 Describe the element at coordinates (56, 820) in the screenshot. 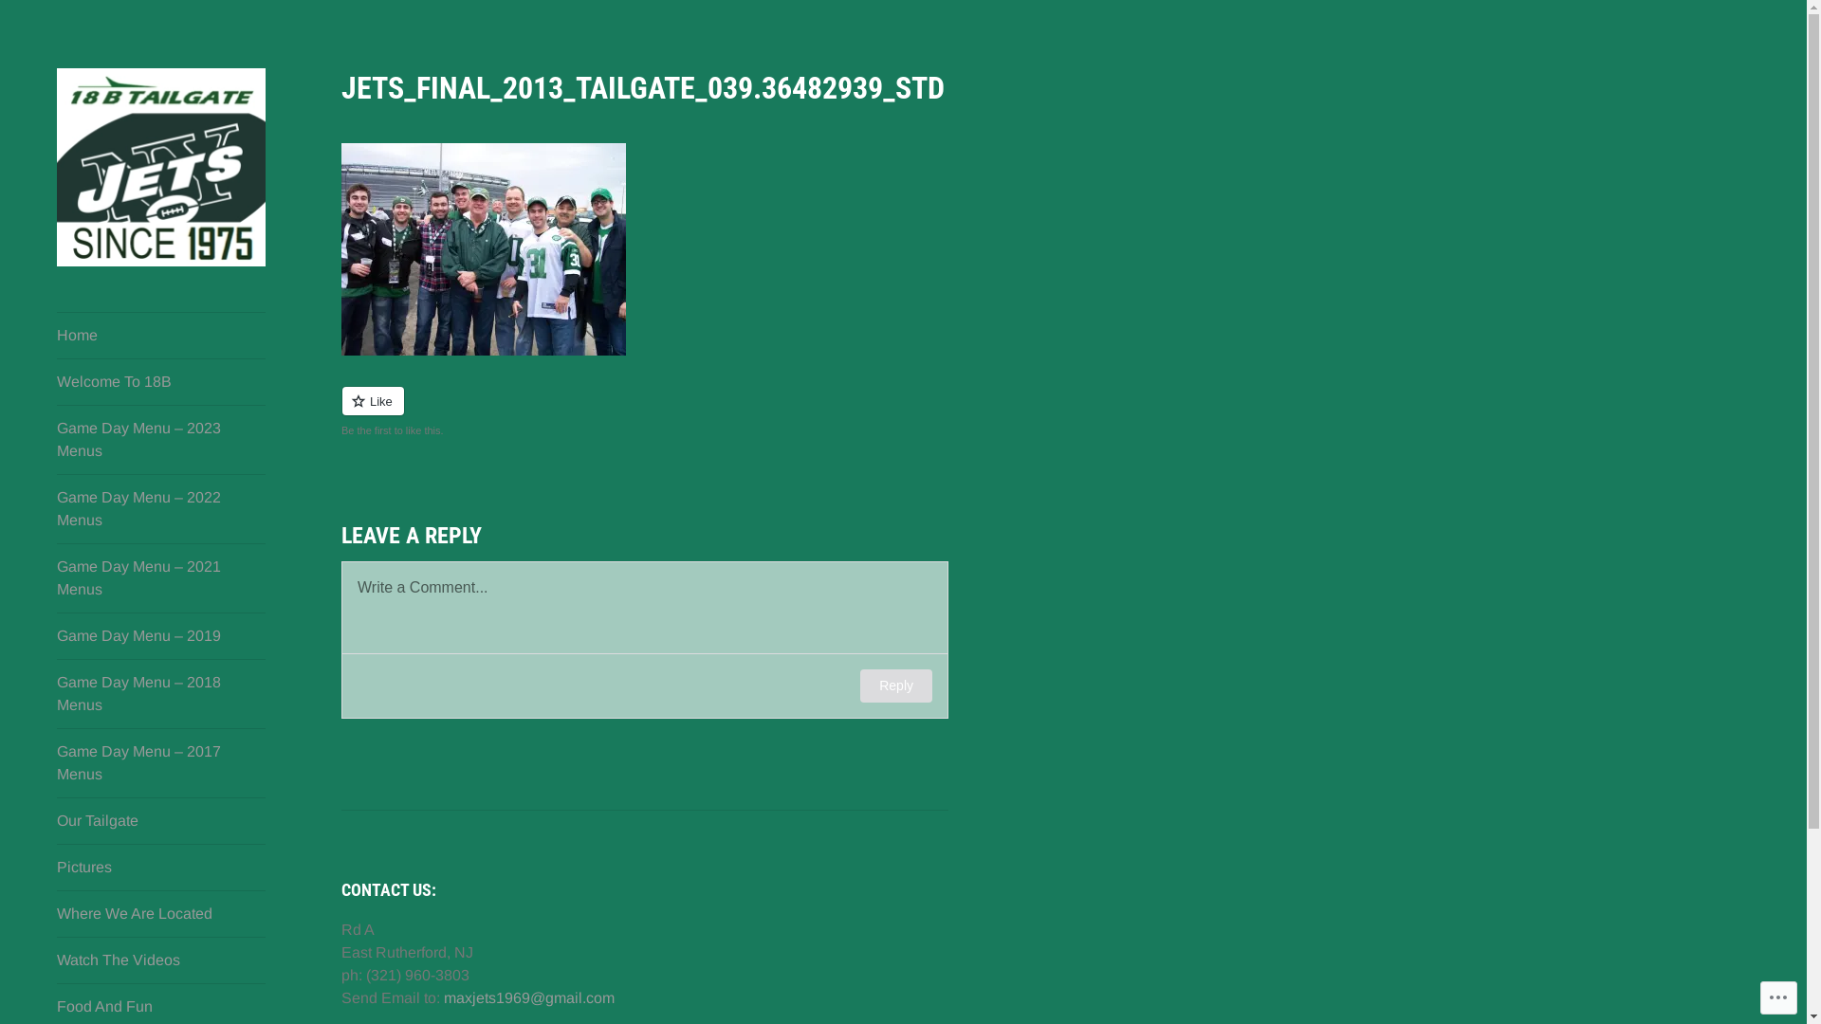

I see `'Our Tailgate'` at that location.